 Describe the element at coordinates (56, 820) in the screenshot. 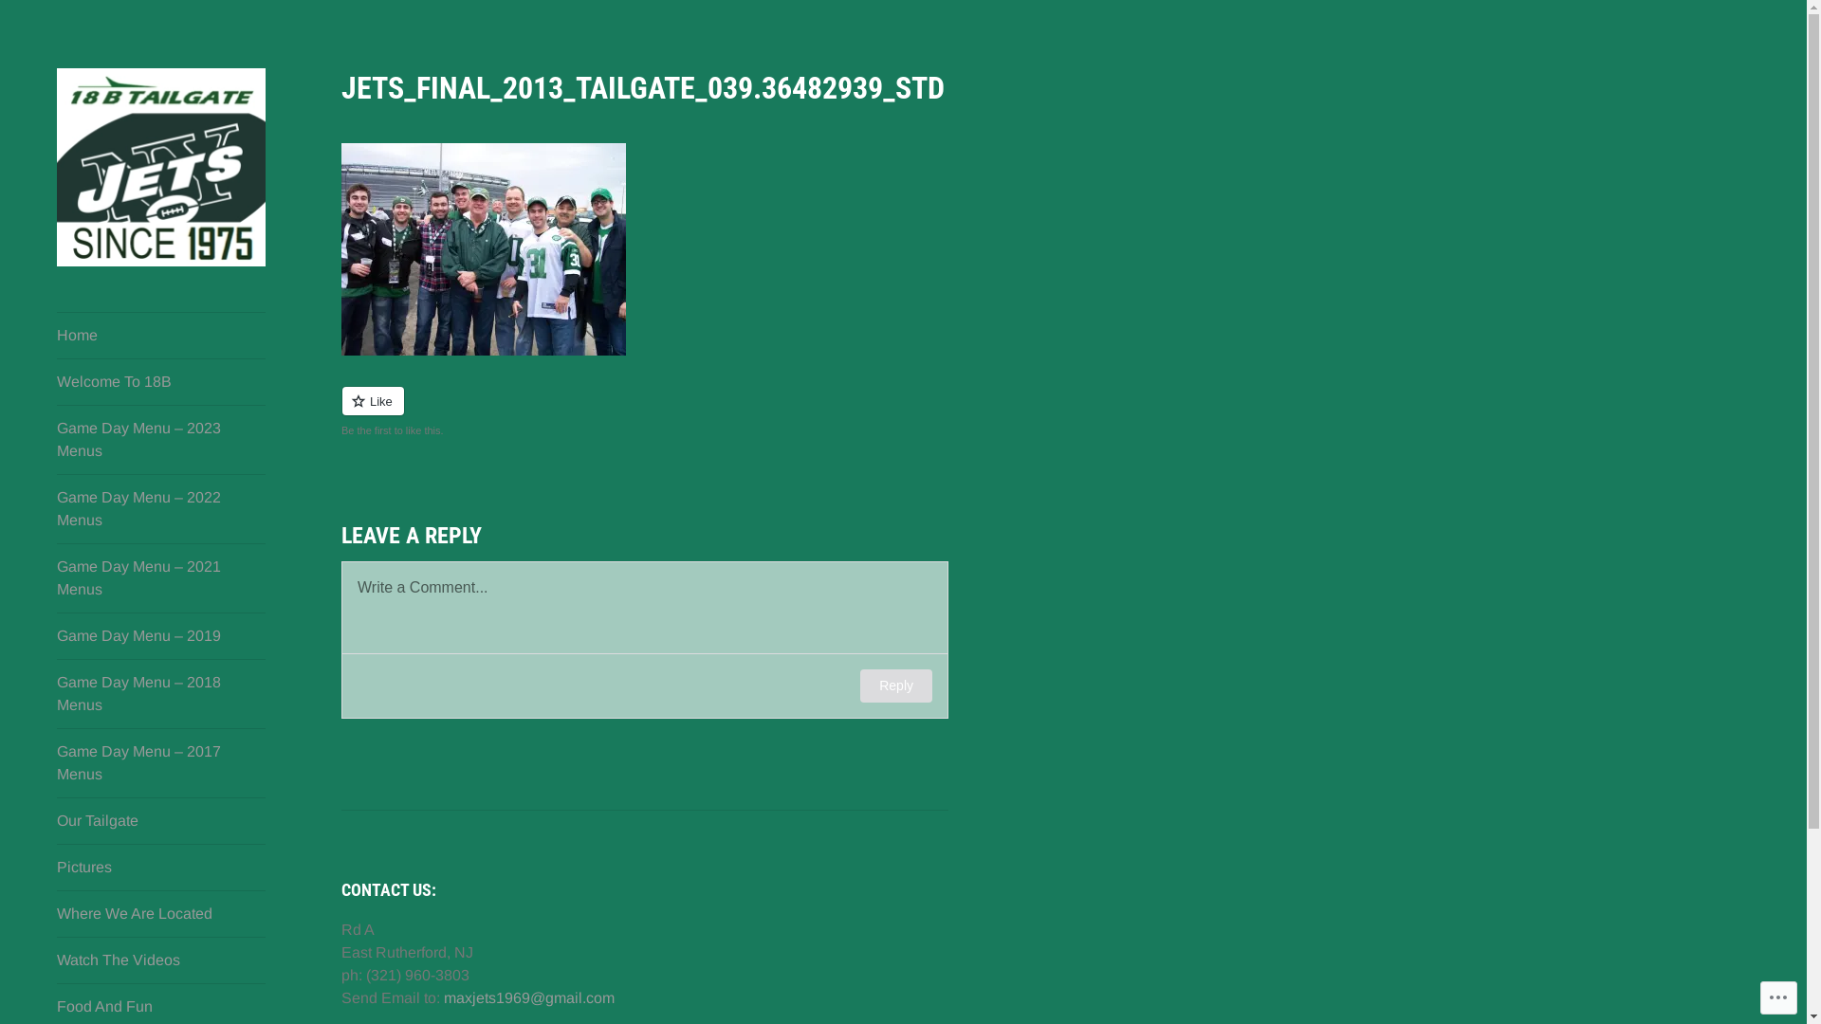

I see `'Our Tailgate'` at that location.